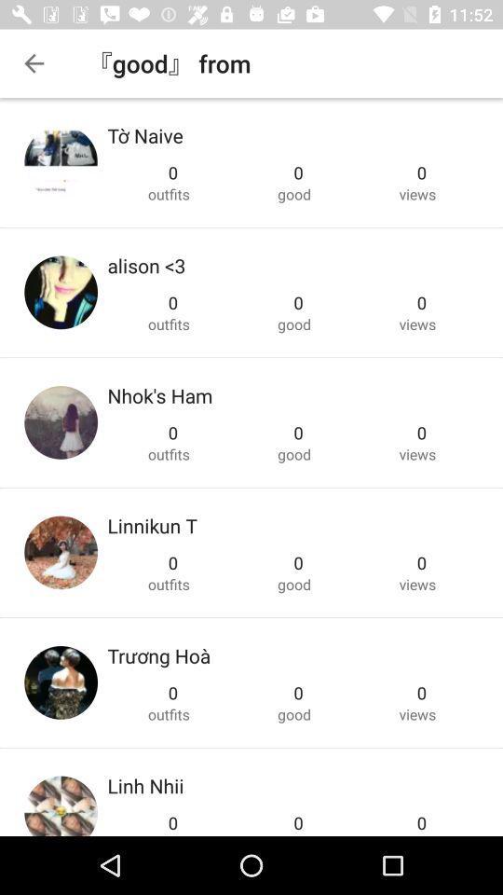 This screenshot has width=503, height=895. Describe the element at coordinates (159, 395) in the screenshot. I see `the nhok's ham` at that location.